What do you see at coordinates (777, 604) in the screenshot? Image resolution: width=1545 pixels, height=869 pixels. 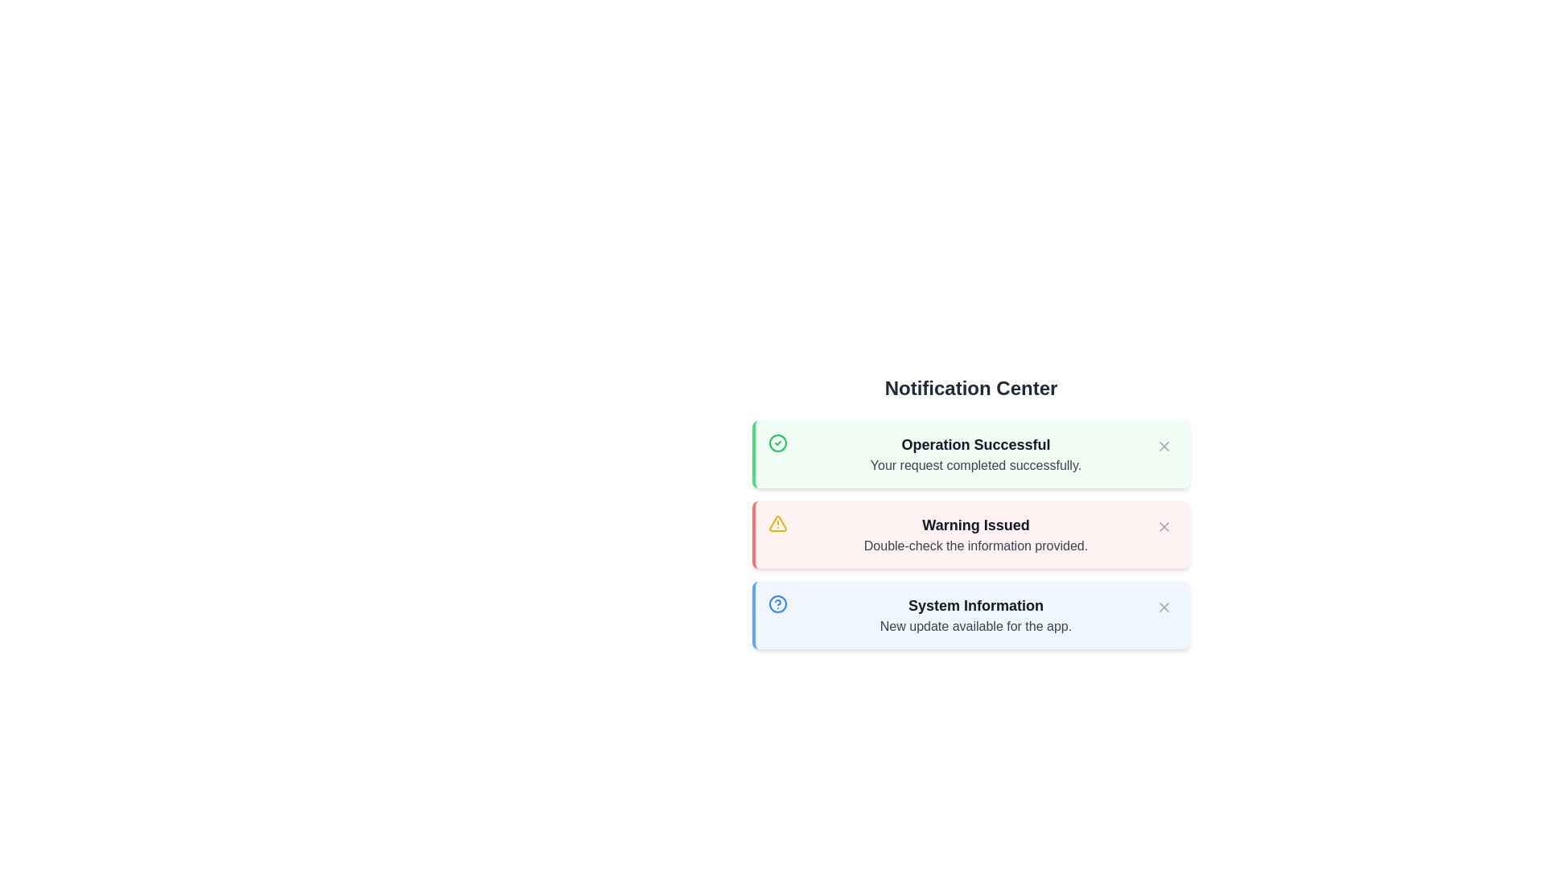 I see `the SVG circle component located within the third notification card labeled 'System Information', positioned to the left of the notification text` at bounding box center [777, 604].